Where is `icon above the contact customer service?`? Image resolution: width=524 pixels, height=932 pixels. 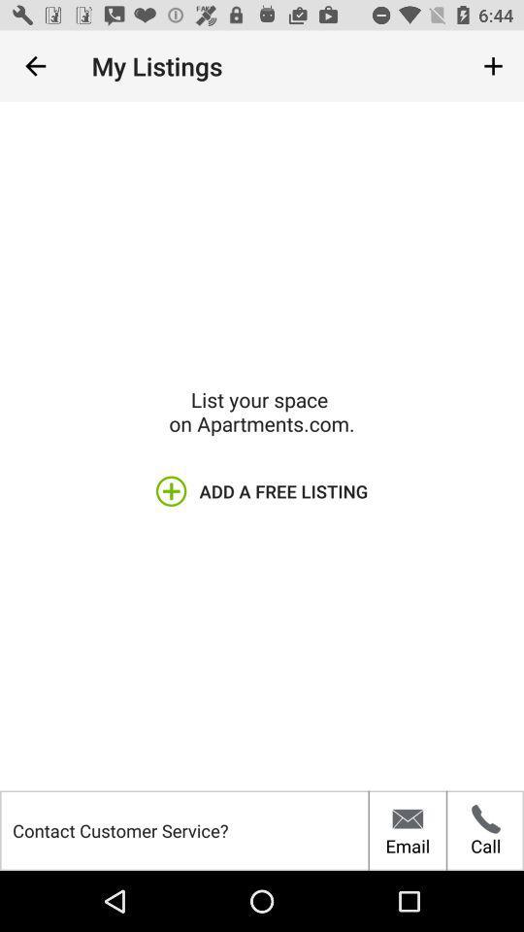 icon above the contact customer service? is located at coordinates (35, 66).